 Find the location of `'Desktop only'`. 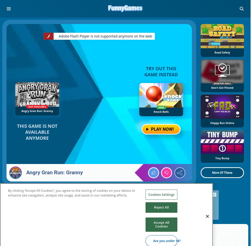

'Desktop only' is located at coordinates (222, 83).